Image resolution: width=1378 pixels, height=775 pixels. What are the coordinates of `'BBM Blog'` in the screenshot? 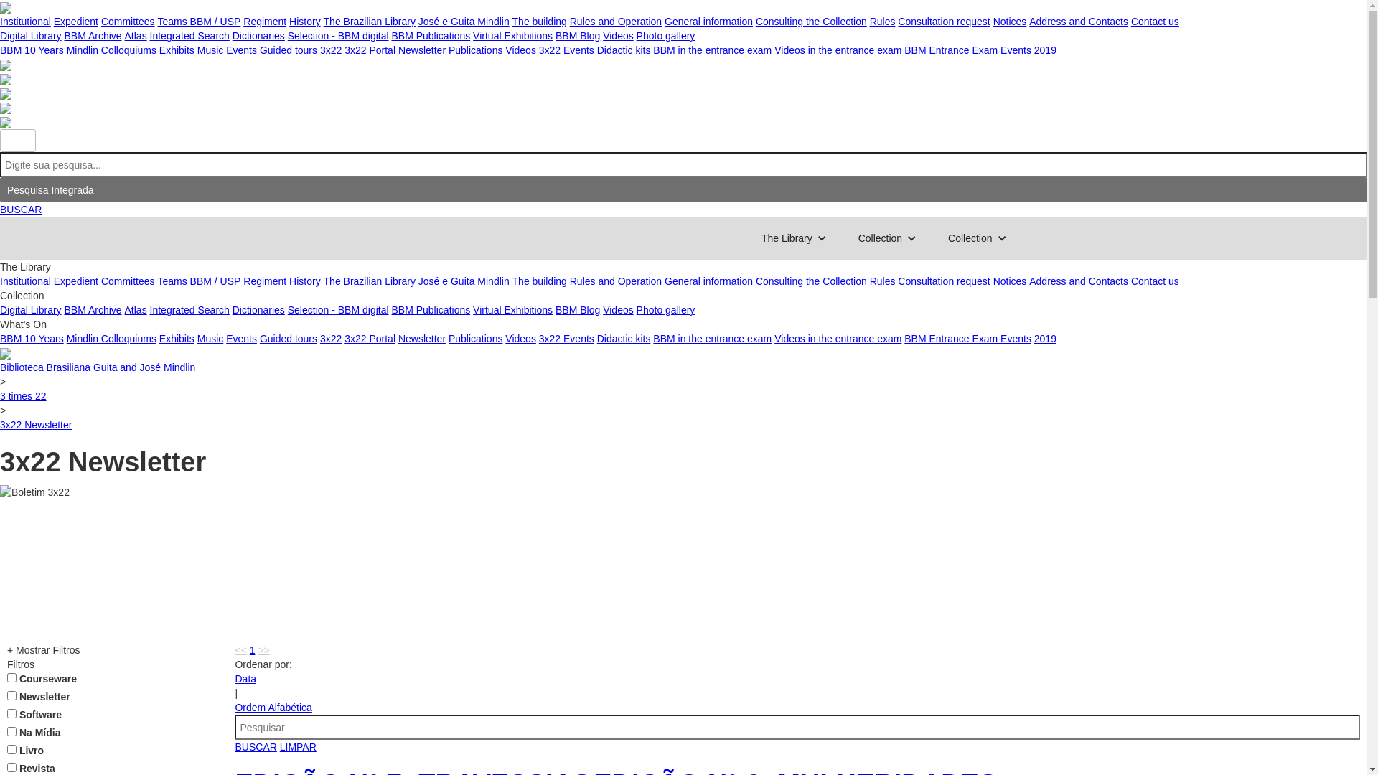 It's located at (578, 35).